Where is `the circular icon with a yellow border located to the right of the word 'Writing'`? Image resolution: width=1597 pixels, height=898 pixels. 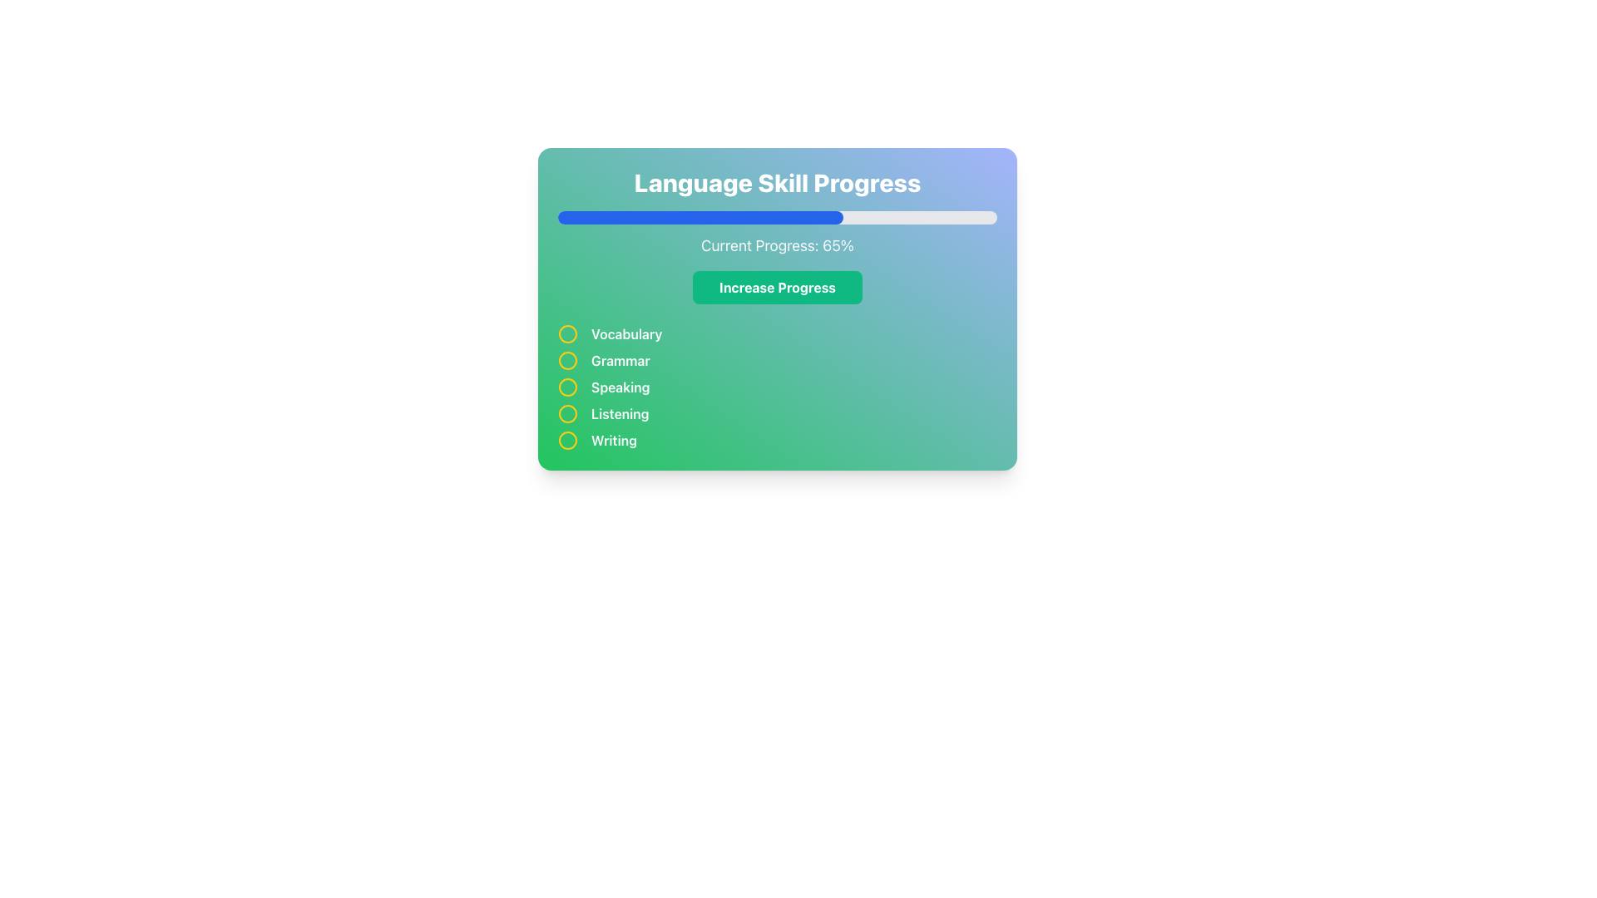 the circular icon with a yellow border located to the right of the word 'Writing' is located at coordinates (567, 439).